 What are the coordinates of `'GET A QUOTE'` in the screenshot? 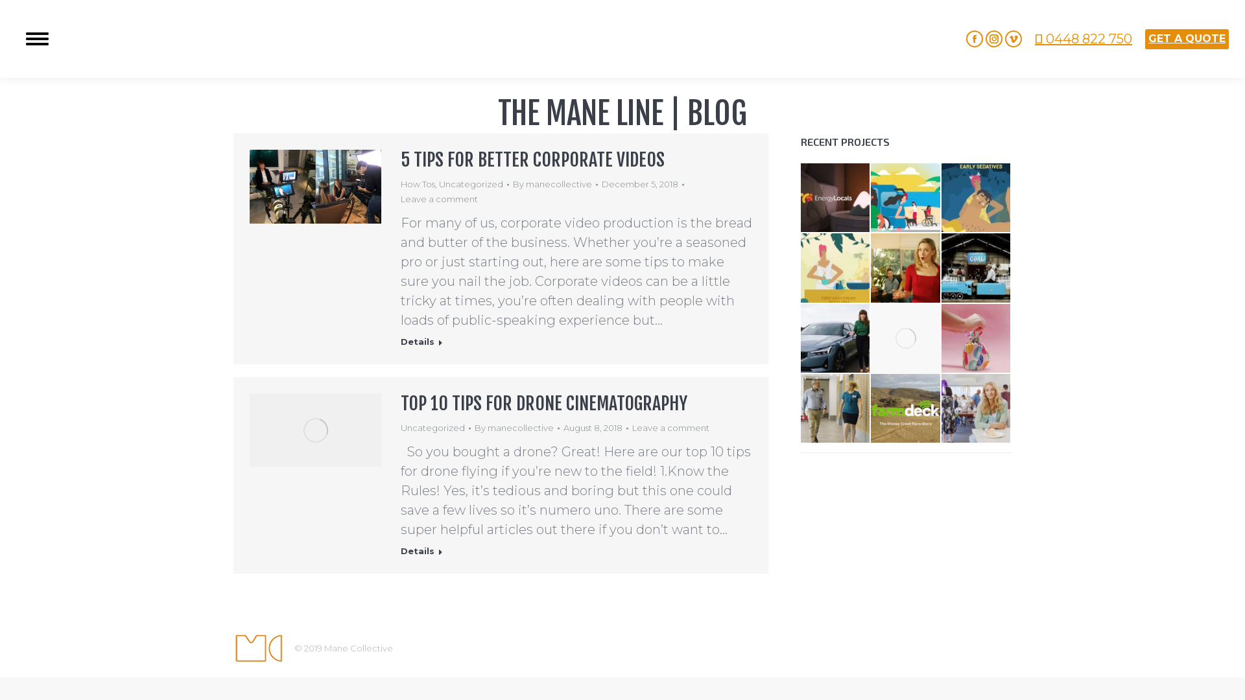 It's located at (1187, 38).